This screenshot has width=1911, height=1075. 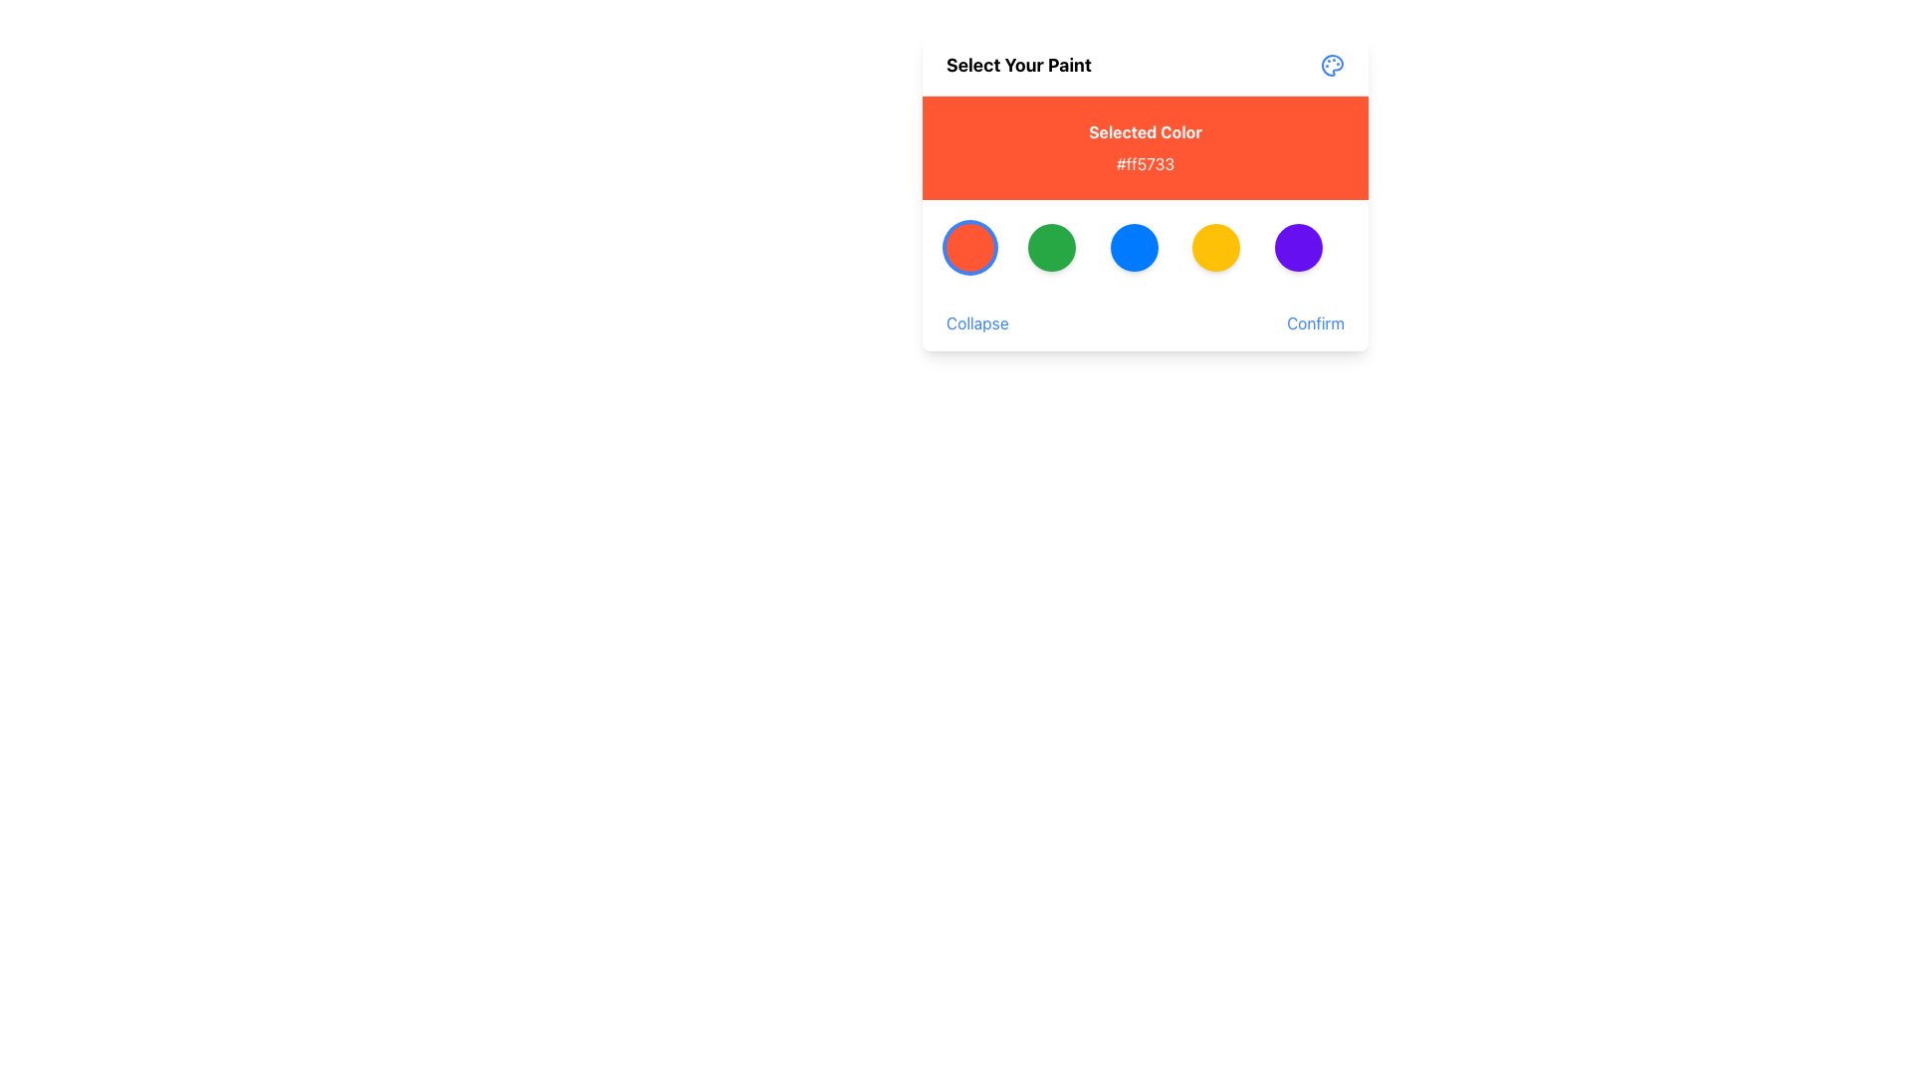 I want to click on the circular interactive button, which is the first in a row of five, distinguished by its vivid orange fill and blue ring, so click(x=969, y=247).